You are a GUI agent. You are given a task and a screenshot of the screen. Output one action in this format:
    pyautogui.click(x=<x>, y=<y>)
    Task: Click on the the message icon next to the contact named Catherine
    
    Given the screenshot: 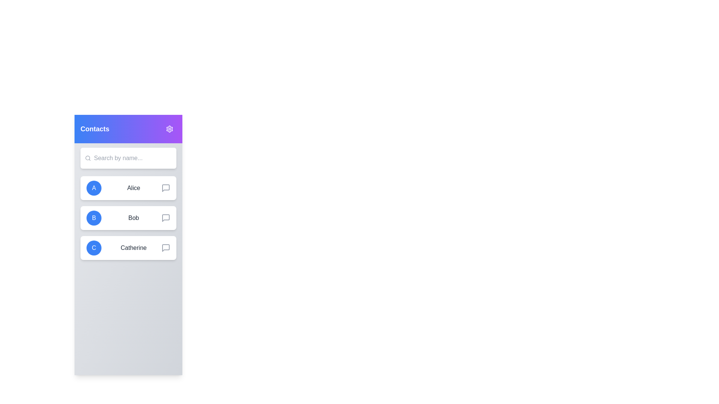 What is the action you would take?
    pyautogui.click(x=165, y=248)
    